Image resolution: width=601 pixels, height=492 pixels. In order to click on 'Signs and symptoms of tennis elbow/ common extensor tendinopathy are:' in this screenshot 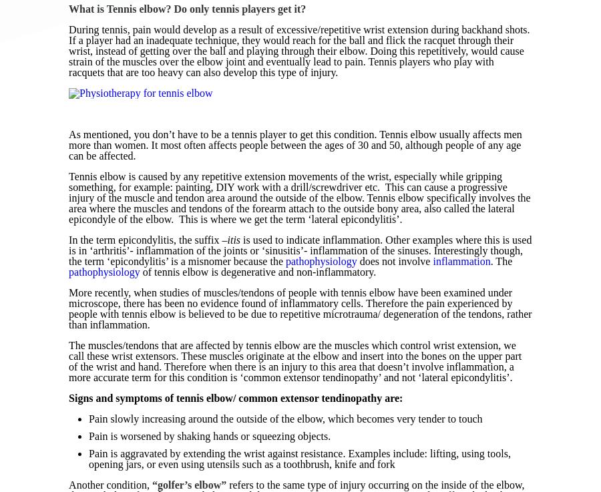, I will do `click(235, 397)`.